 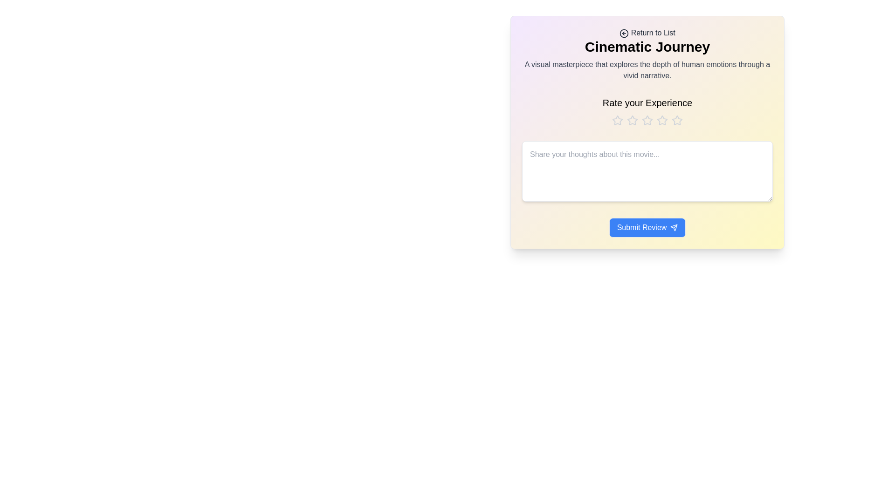 I want to click on the third star-shaped icon in the rating sequence below the 'Rate your Experience' label, so click(x=647, y=120).